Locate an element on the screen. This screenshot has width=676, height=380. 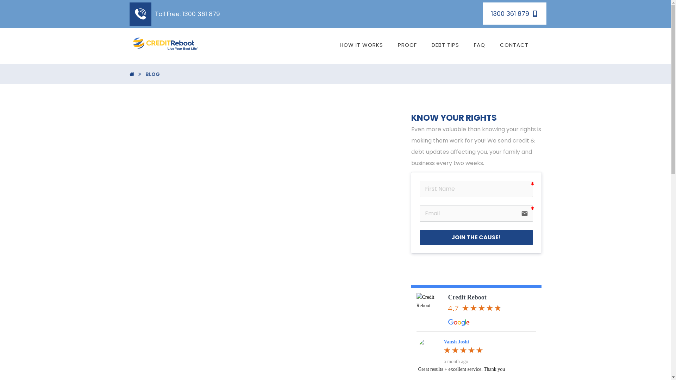
'FAQ' is located at coordinates (479, 45).